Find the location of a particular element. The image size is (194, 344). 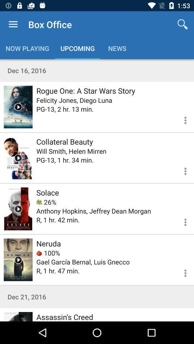

will smith helen icon is located at coordinates (71, 151).